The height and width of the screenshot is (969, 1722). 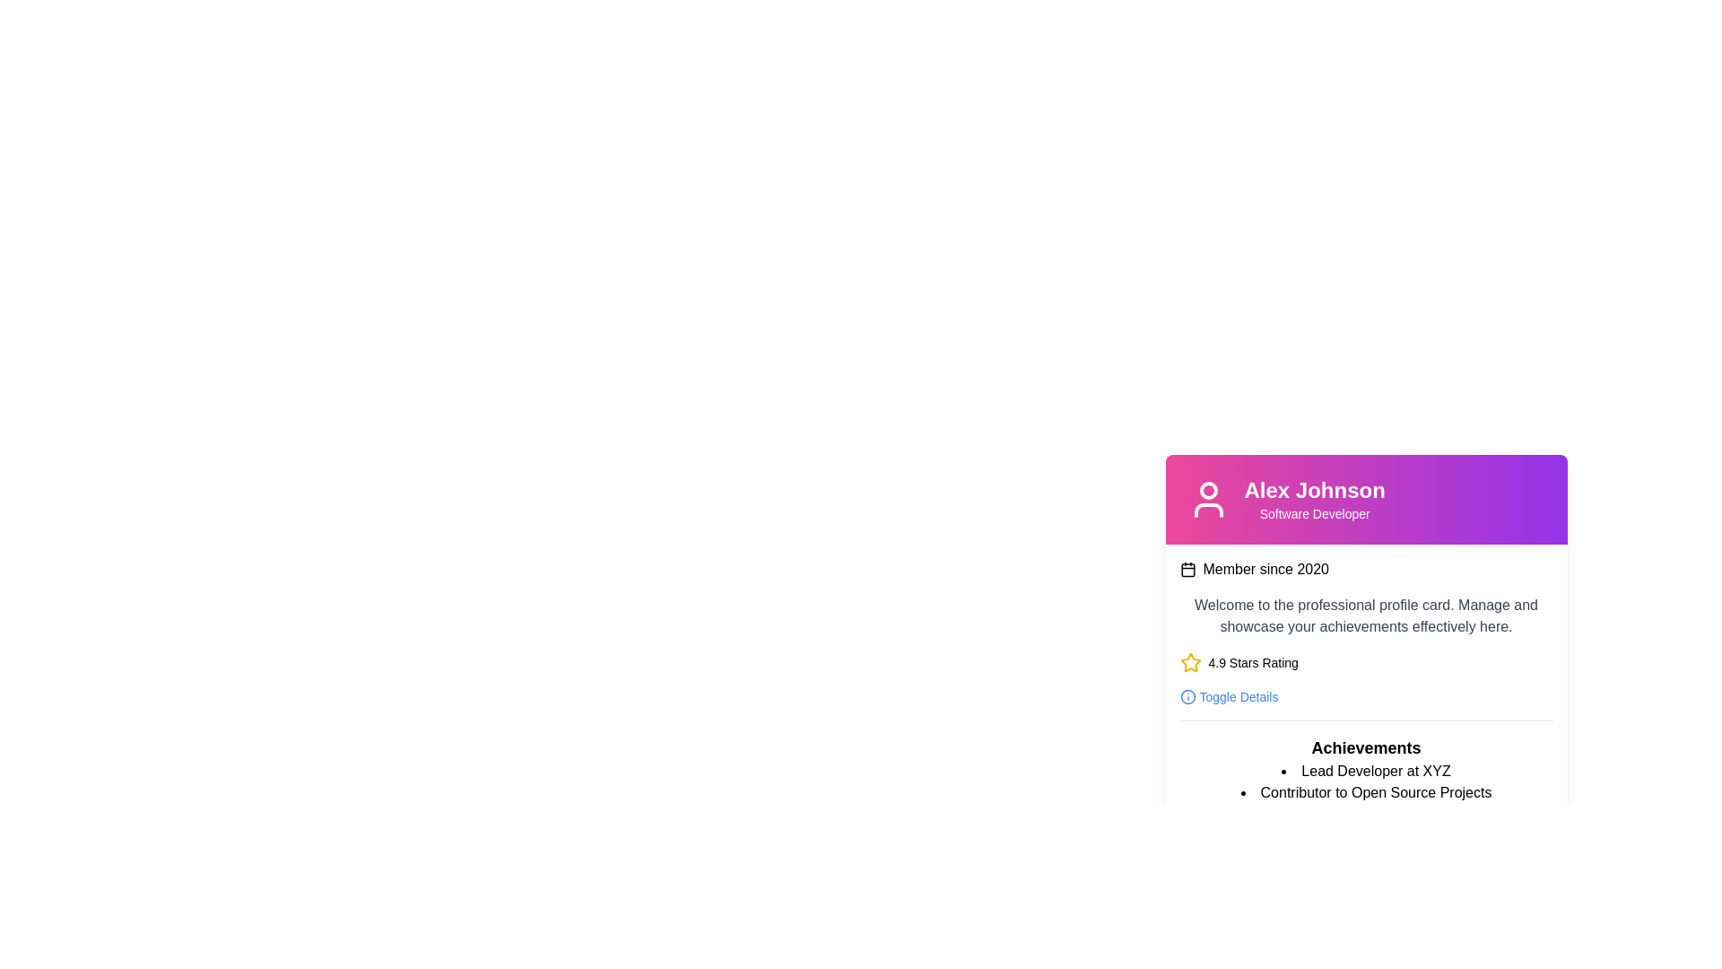 What do you see at coordinates (1365, 679) in the screenshot?
I see `the 'Toggle Details' link in the Profile card` at bounding box center [1365, 679].